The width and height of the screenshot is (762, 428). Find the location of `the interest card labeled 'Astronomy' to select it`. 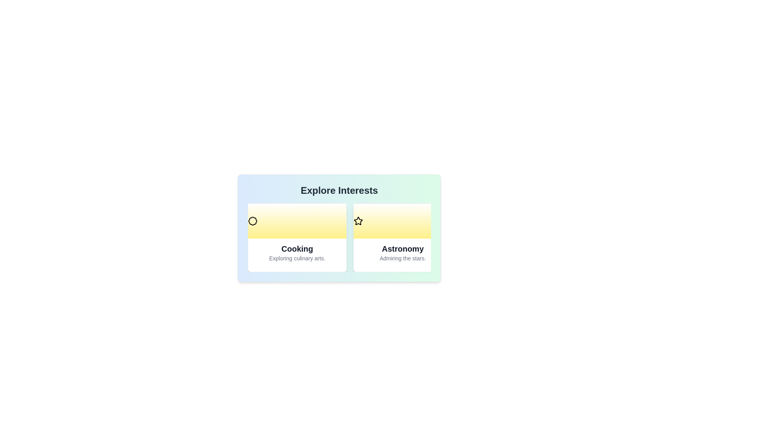

the interest card labeled 'Astronomy' to select it is located at coordinates (402, 237).